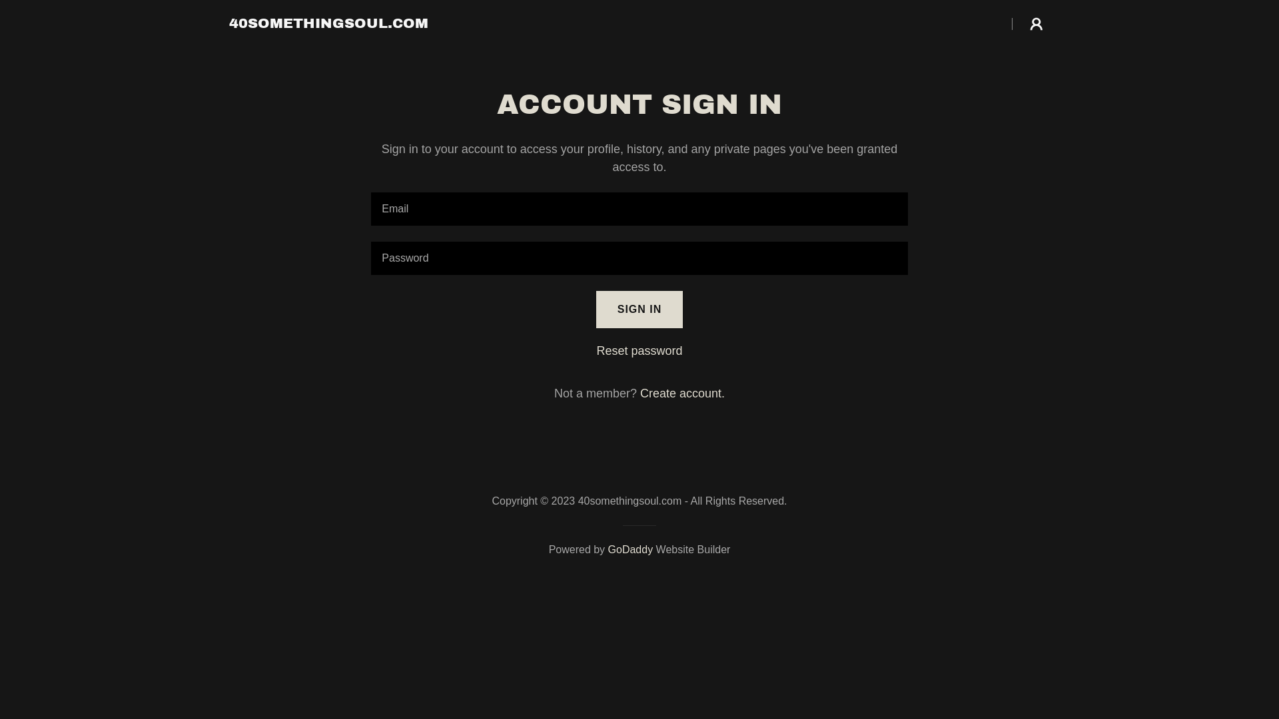  I want to click on 'Create account.', so click(682, 392).